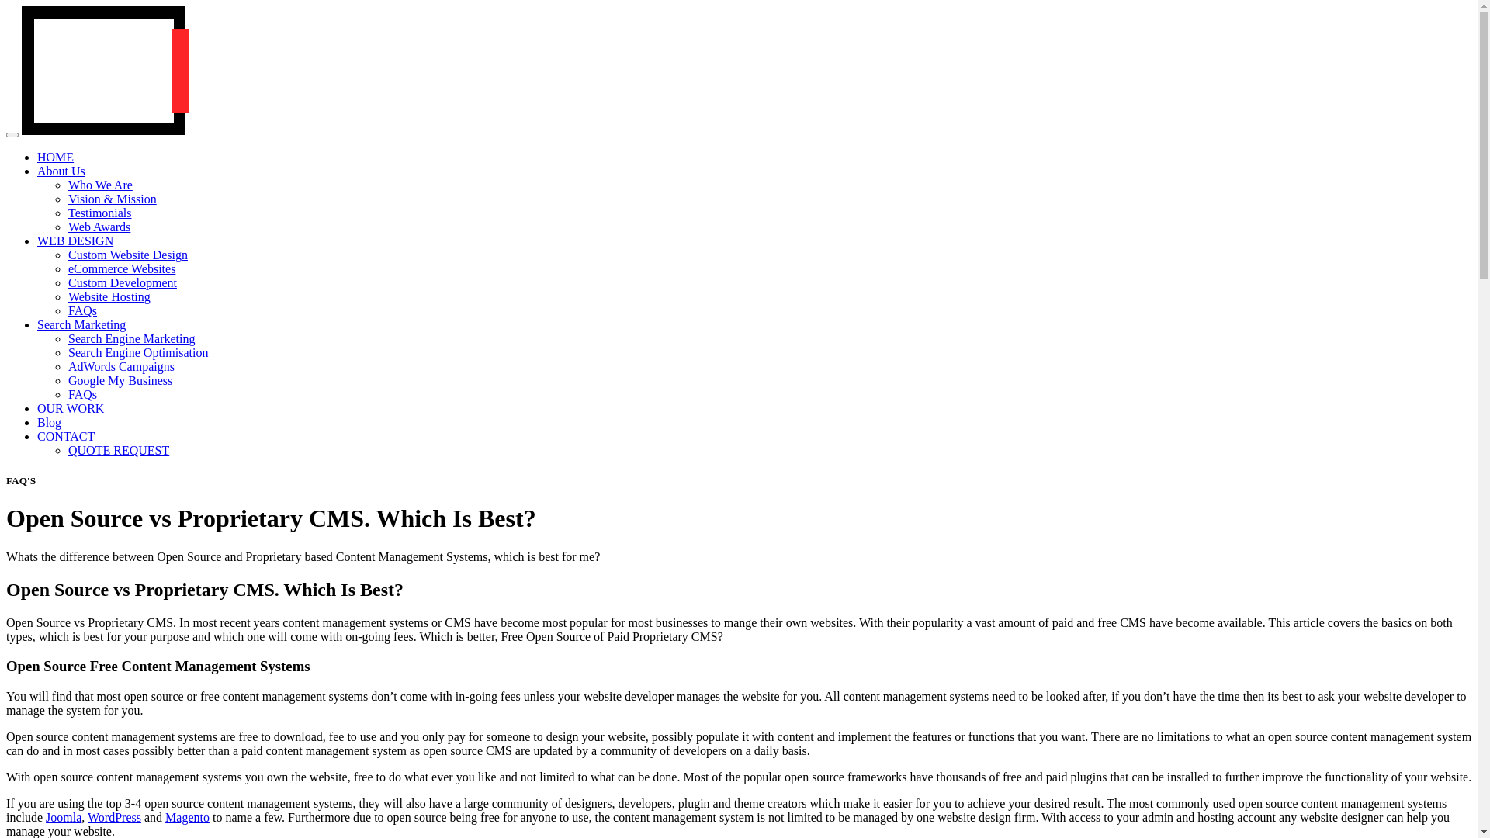  I want to click on 'FAQs', so click(67, 310).